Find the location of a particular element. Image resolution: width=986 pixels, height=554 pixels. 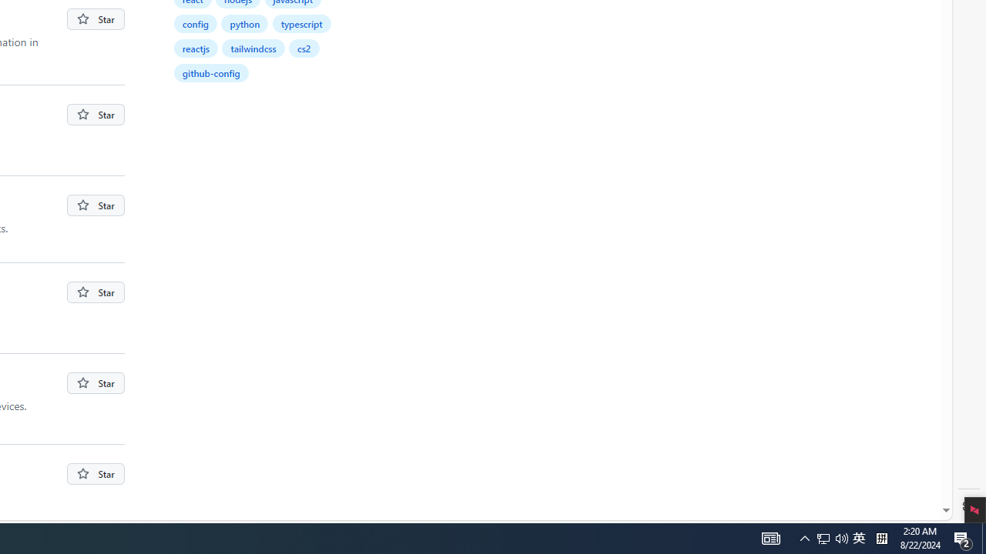

'reactjs' is located at coordinates (195, 47).